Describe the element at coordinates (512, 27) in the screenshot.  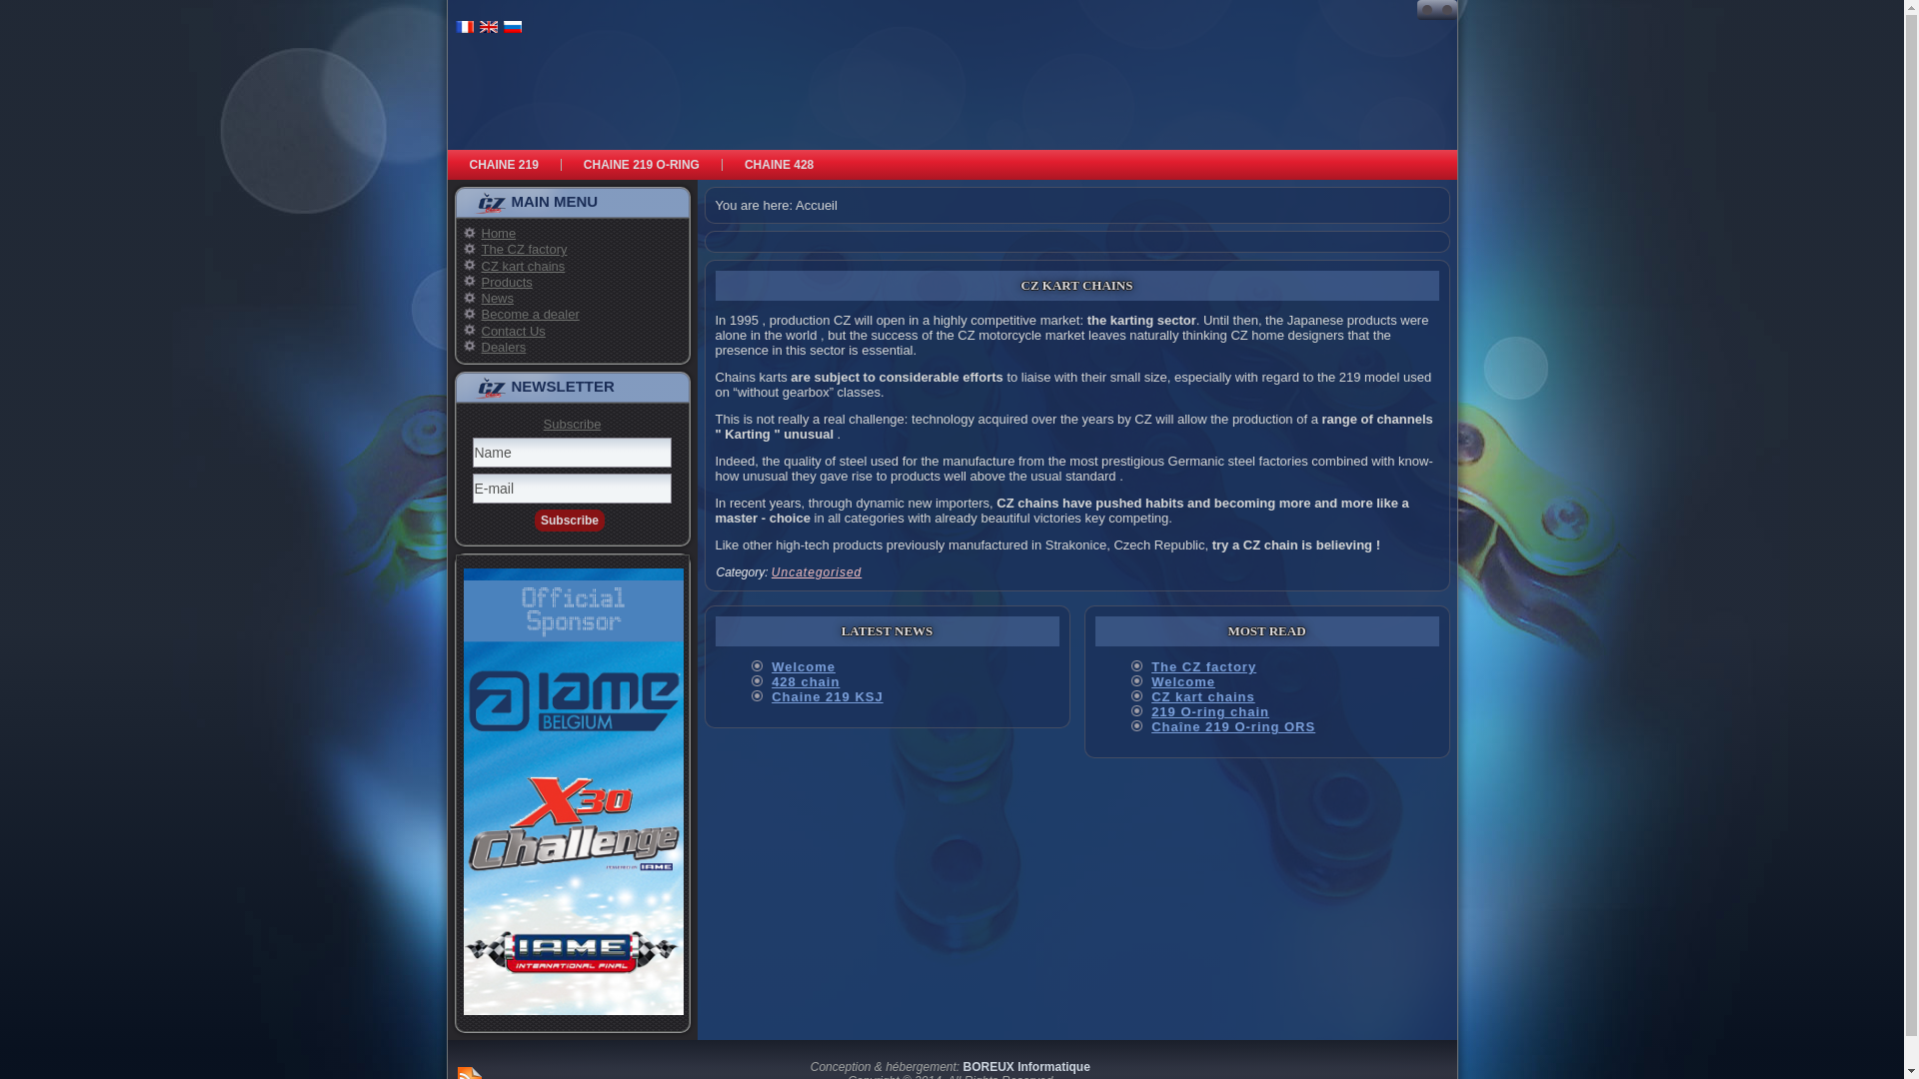
I see `'Russian'` at that location.